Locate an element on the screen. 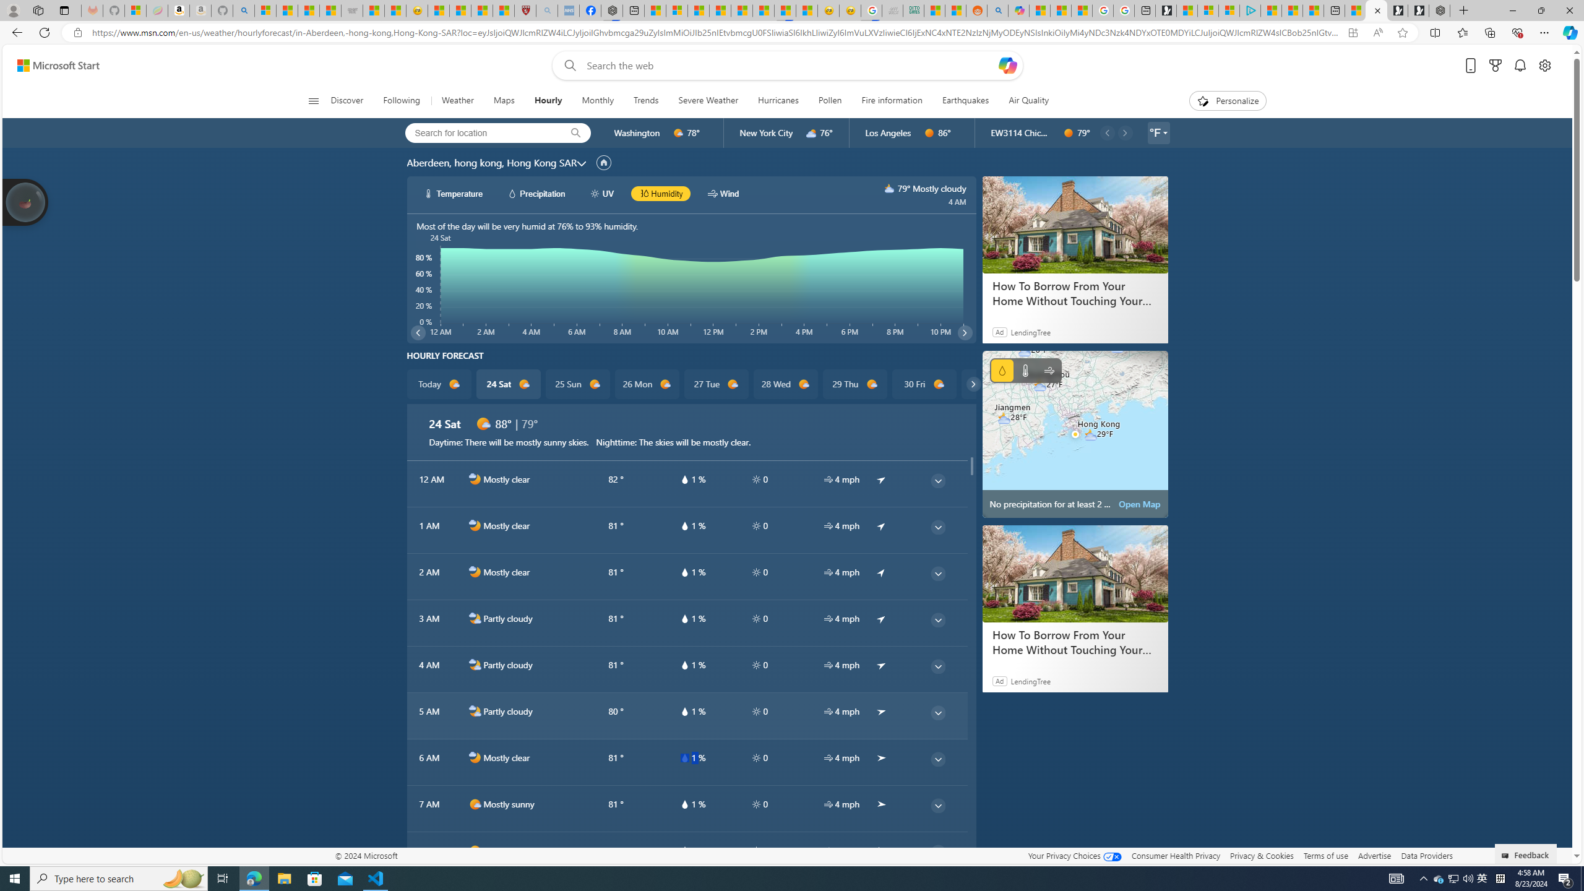  'Class: feedback_link_icon-DS-EntryPoint1-1' is located at coordinates (1506, 855).